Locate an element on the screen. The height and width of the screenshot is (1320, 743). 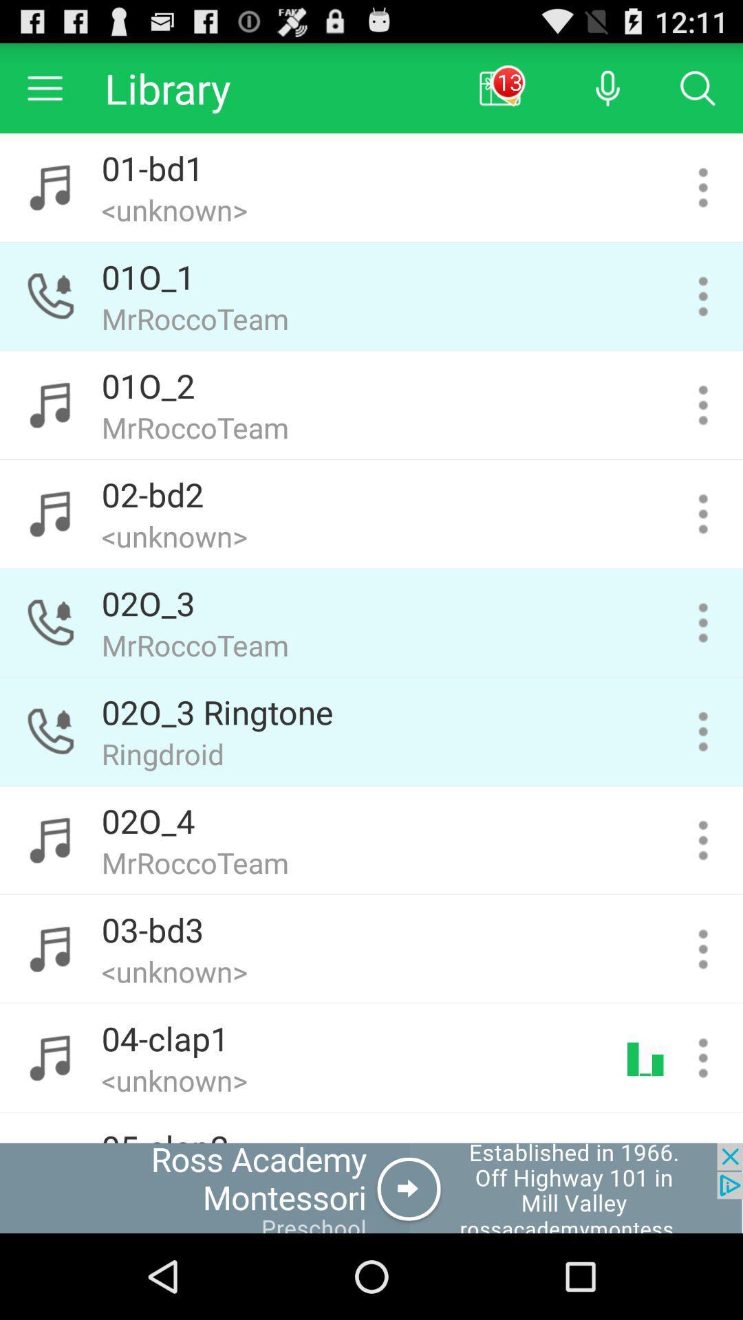
the search icon is located at coordinates (698, 93).